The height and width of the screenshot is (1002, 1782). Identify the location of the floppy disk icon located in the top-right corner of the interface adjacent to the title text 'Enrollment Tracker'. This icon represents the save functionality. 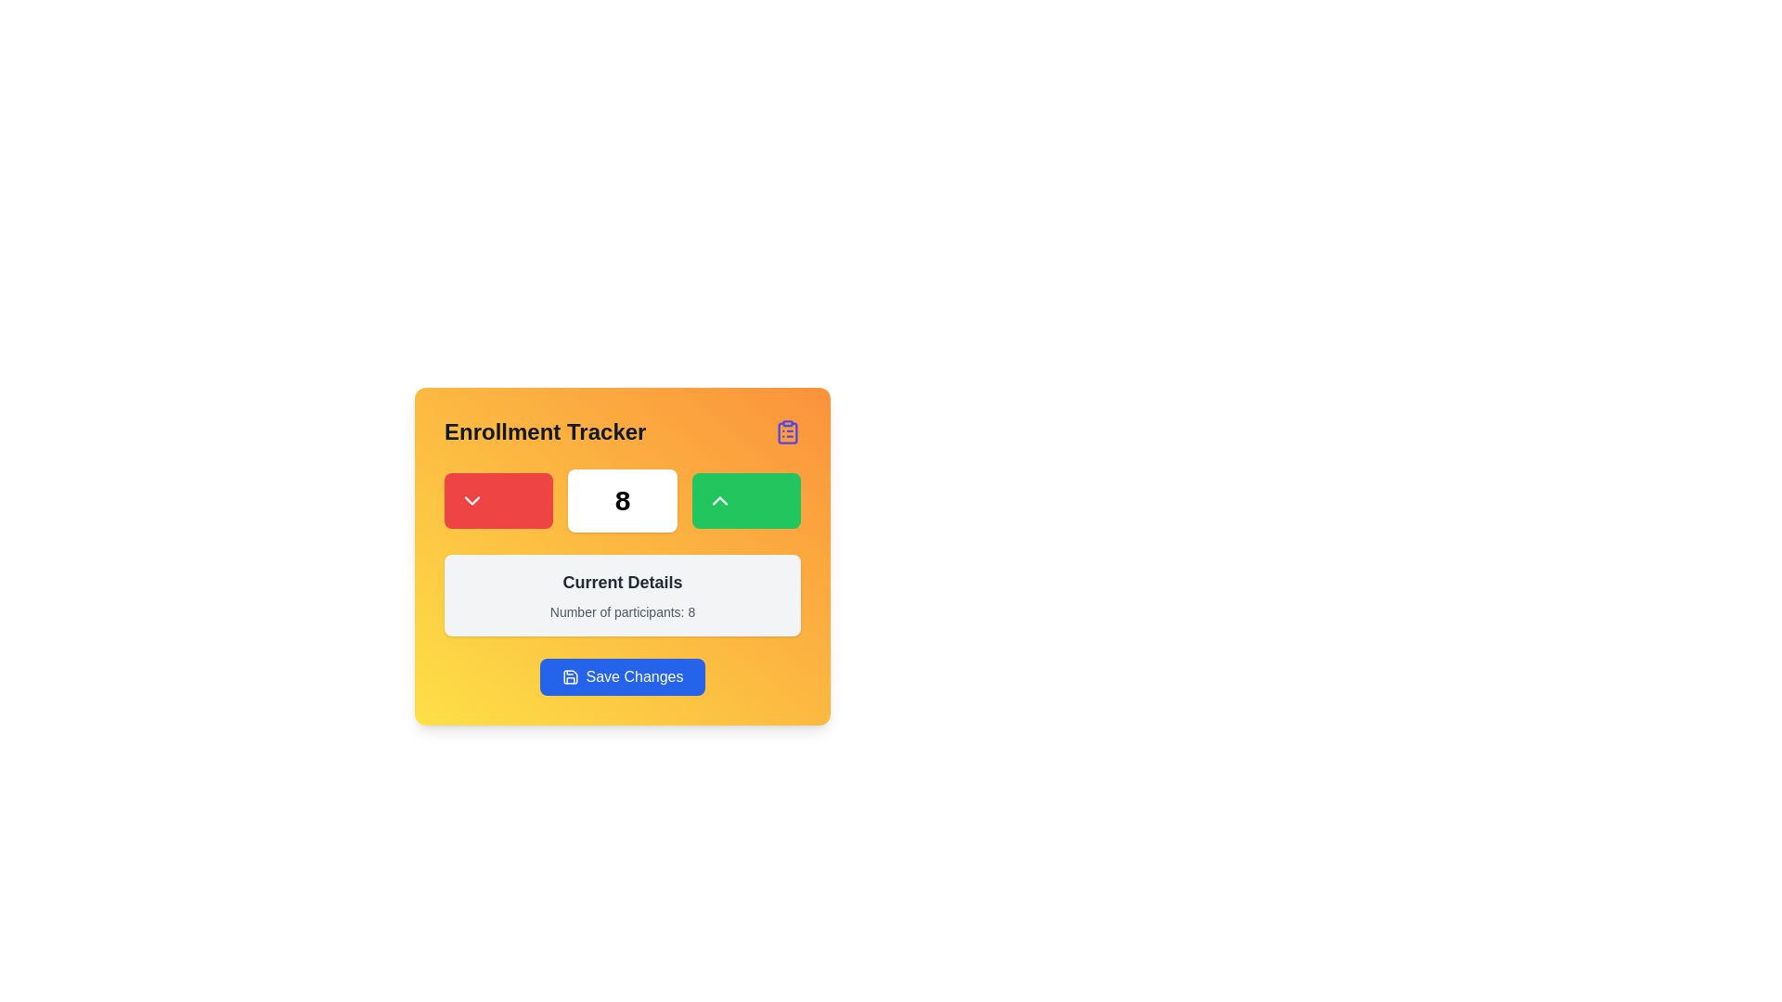
(569, 676).